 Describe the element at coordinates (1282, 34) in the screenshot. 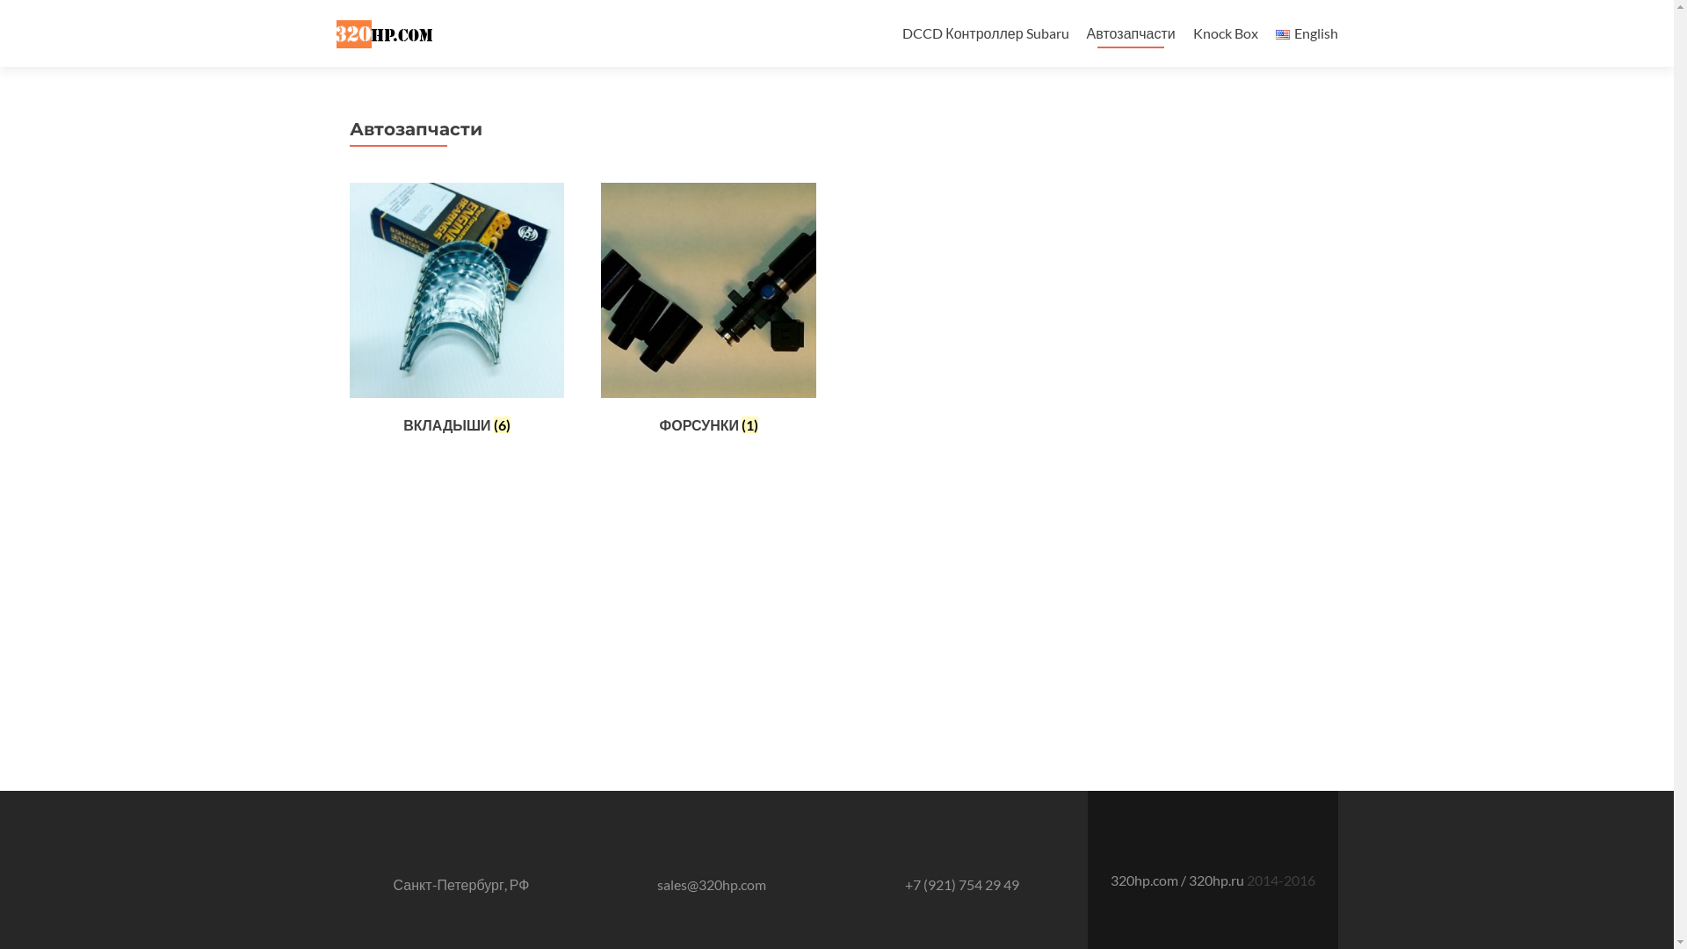

I see `'English'` at that location.